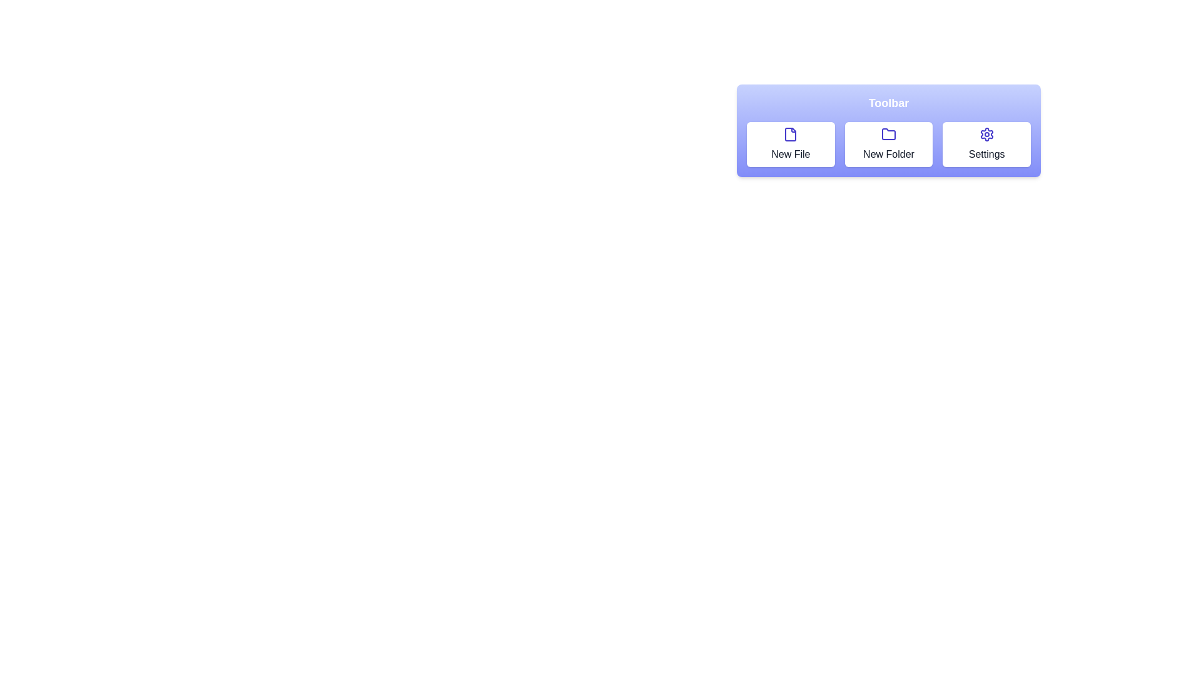 The width and height of the screenshot is (1201, 676). What do you see at coordinates (790, 153) in the screenshot?
I see `the 'New File' text label, which is part of a button-like component on the leftmost side of the horizontal toolbar with a soft blue gradient background` at bounding box center [790, 153].